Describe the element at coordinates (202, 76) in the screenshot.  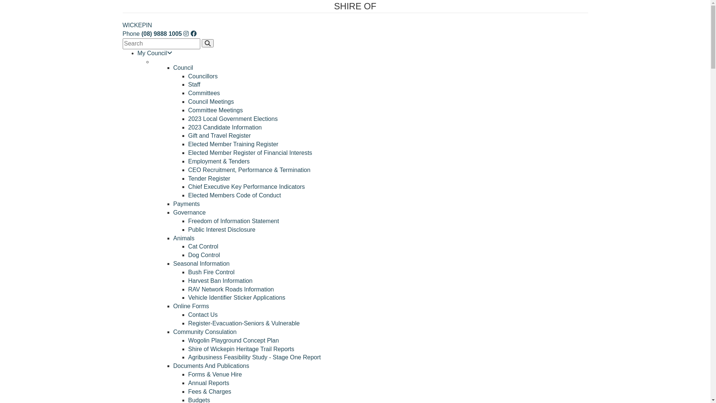
I see `'Councillors'` at that location.